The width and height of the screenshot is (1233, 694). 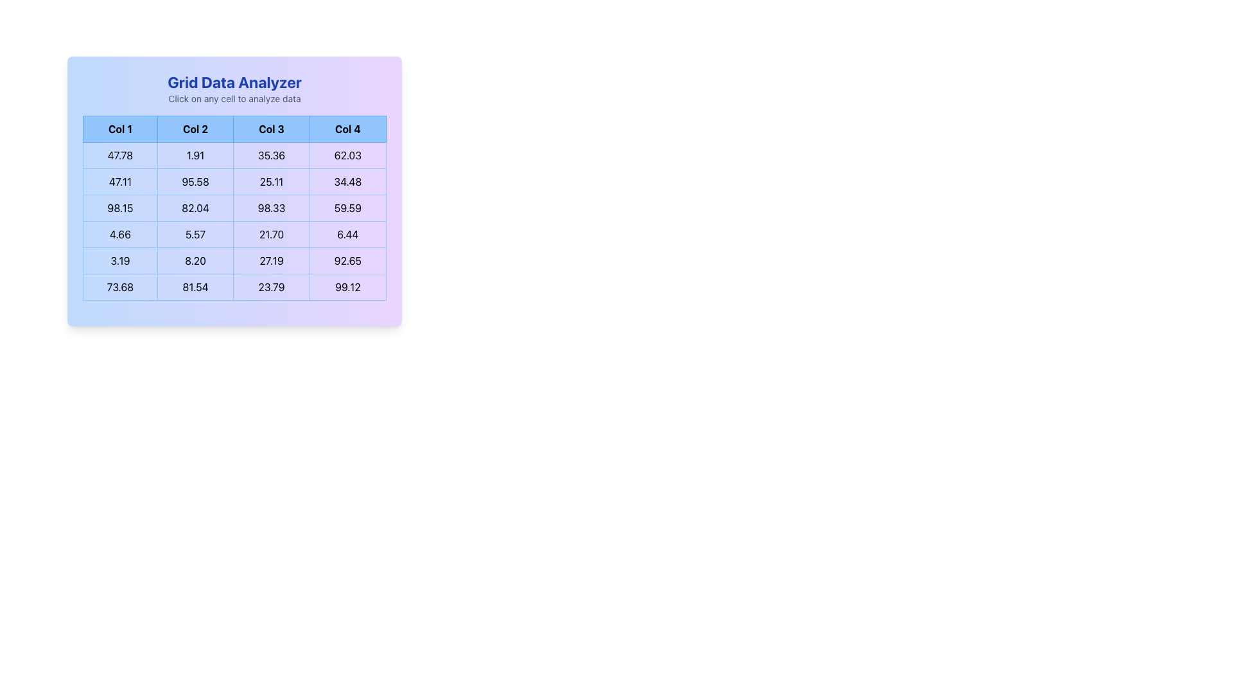 What do you see at coordinates (234, 181) in the screenshot?
I see `the second row of the table titled 'Grid Data Analyzer' containing the numerical data '47.11', '95.58', '25.11', '34.48' styled against a light blue to purple background gradient` at bounding box center [234, 181].